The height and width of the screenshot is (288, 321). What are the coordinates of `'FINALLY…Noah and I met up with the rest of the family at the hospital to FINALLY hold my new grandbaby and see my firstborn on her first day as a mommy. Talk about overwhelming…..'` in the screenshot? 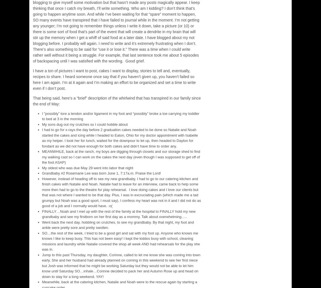 It's located at (119, 214).